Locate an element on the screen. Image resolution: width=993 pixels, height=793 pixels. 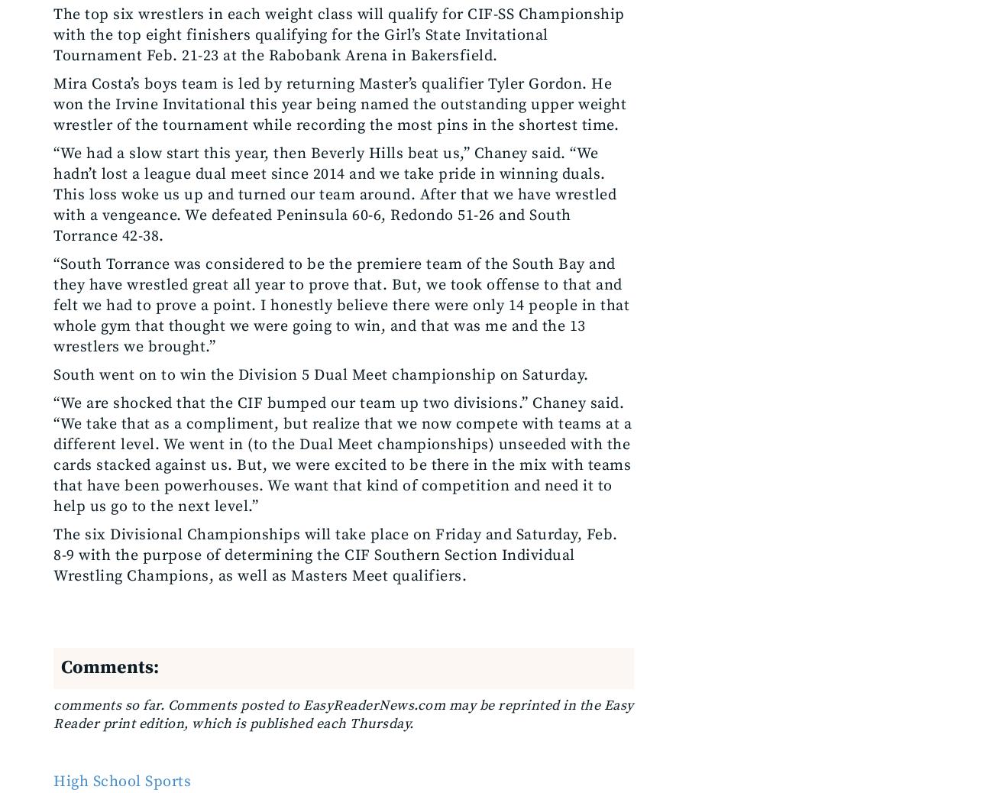
'South went on to win the Division 5 Dual Meet championship on Saturday.' is located at coordinates (321, 375).